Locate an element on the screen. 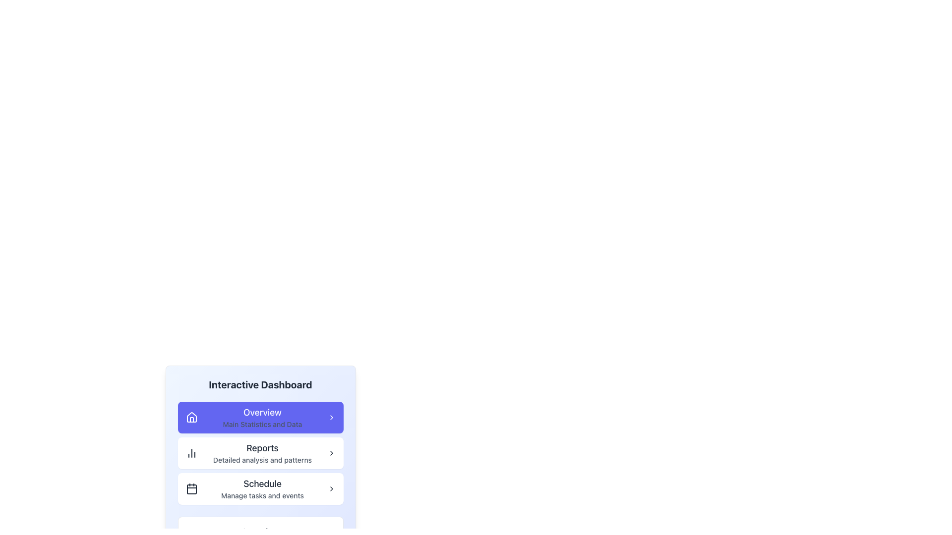 This screenshot has height=535, width=952. the 'Schedule' text label located is located at coordinates (262, 483).